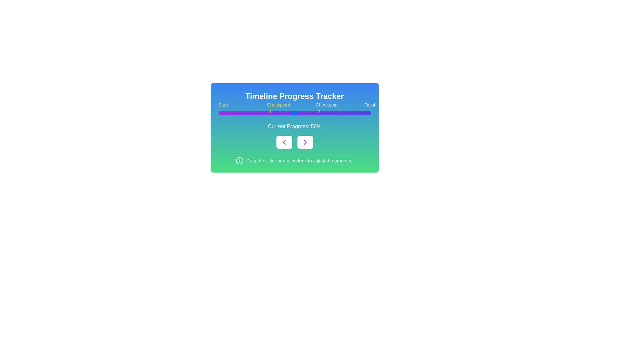 The image size is (631, 355). What do you see at coordinates (294, 107) in the screenshot?
I see `milestones and progress indicators from the progress bar labeled 'Start', 'Checkpoint 1', 'Checkpoint 2', and 'Finish' within the 'Timeline Progress Tracker' modal` at bounding box center [294, 107].